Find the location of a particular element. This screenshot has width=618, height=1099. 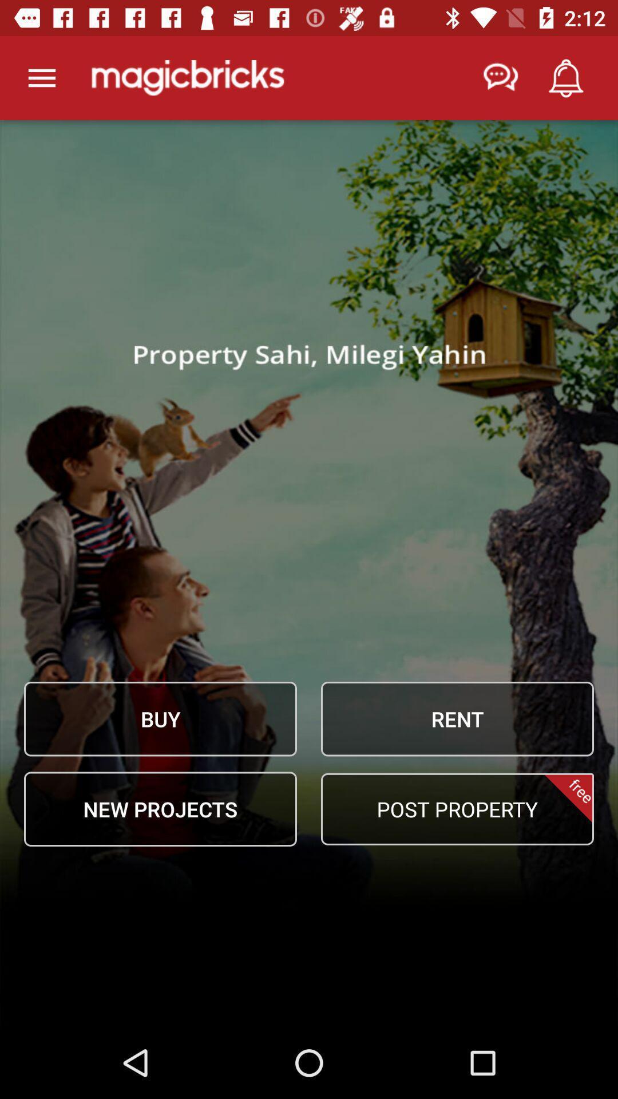

icon next to buy item is located at coordinates (457, 718).